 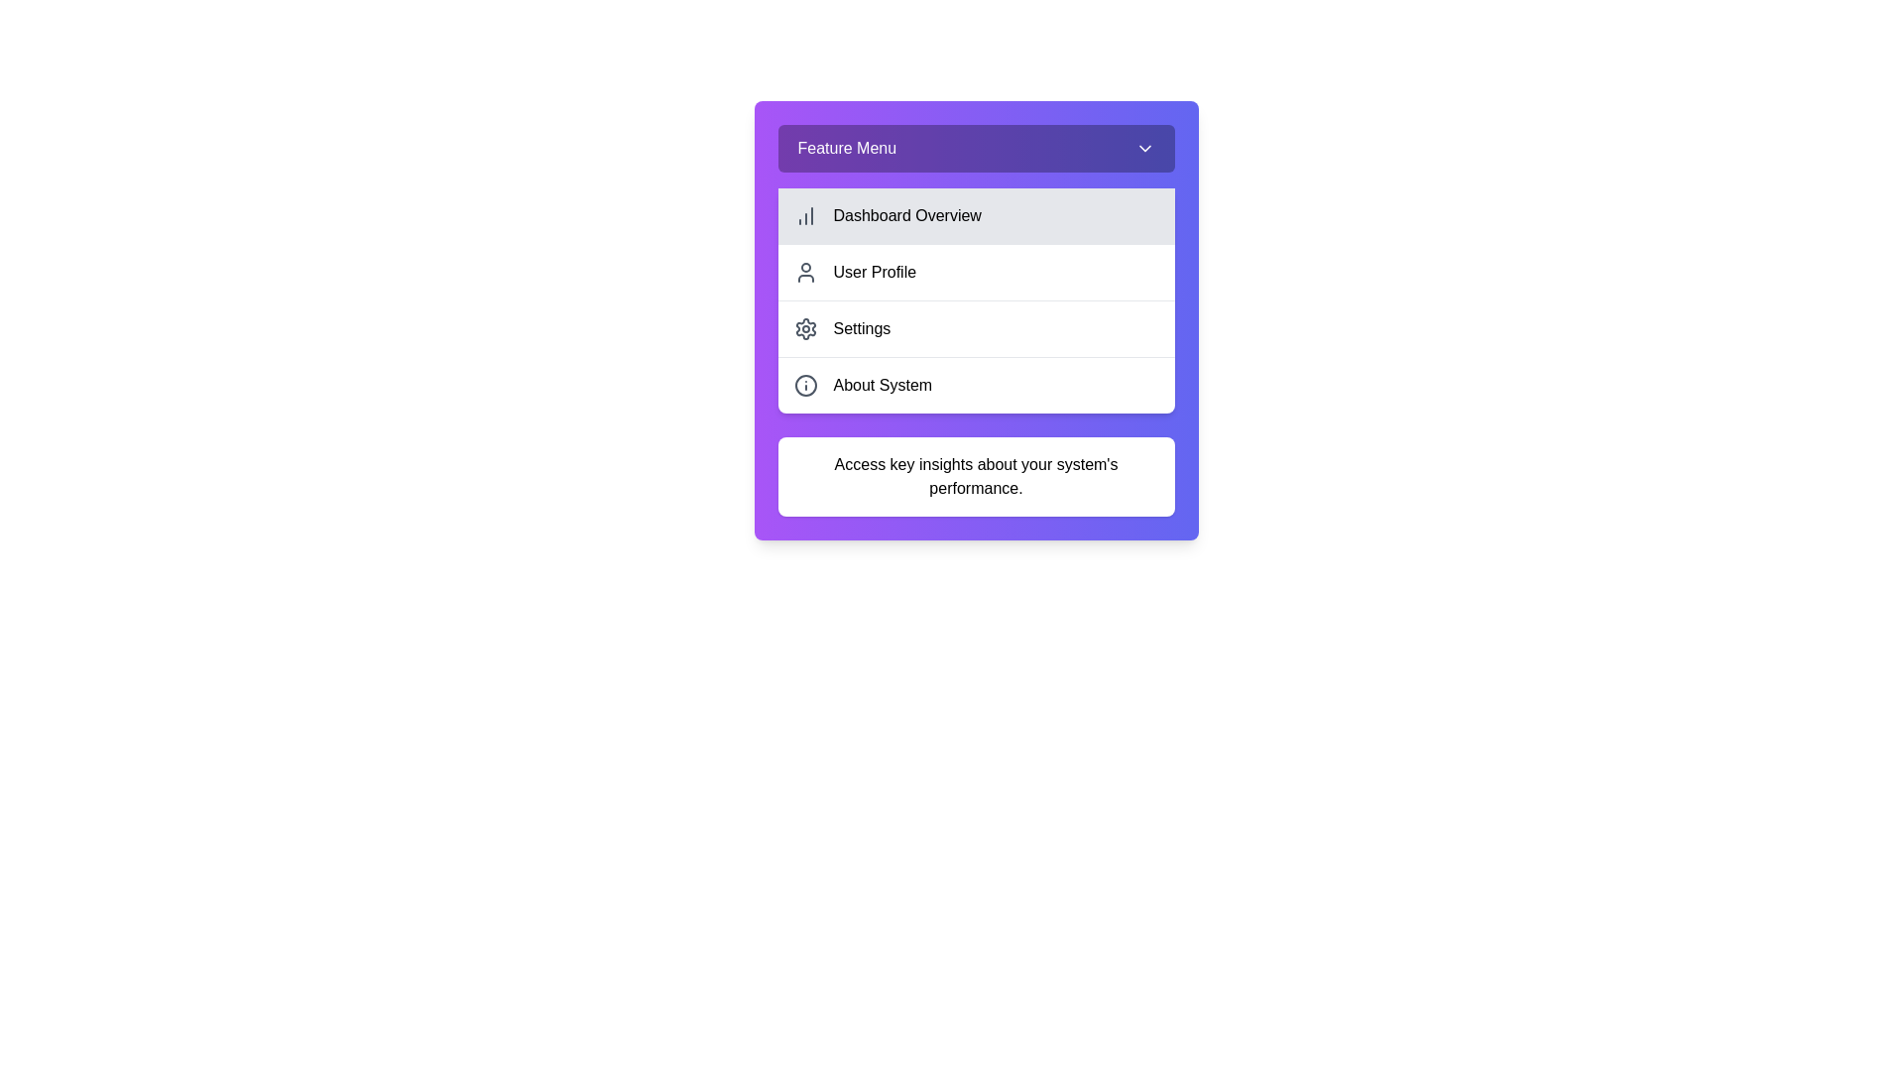 I want to click on the user icon styled as a circle representing a head and shoulders, which is gray and located next to the 'User Profile' text in the second row of the vertical menu, so click(x=805, y=272).